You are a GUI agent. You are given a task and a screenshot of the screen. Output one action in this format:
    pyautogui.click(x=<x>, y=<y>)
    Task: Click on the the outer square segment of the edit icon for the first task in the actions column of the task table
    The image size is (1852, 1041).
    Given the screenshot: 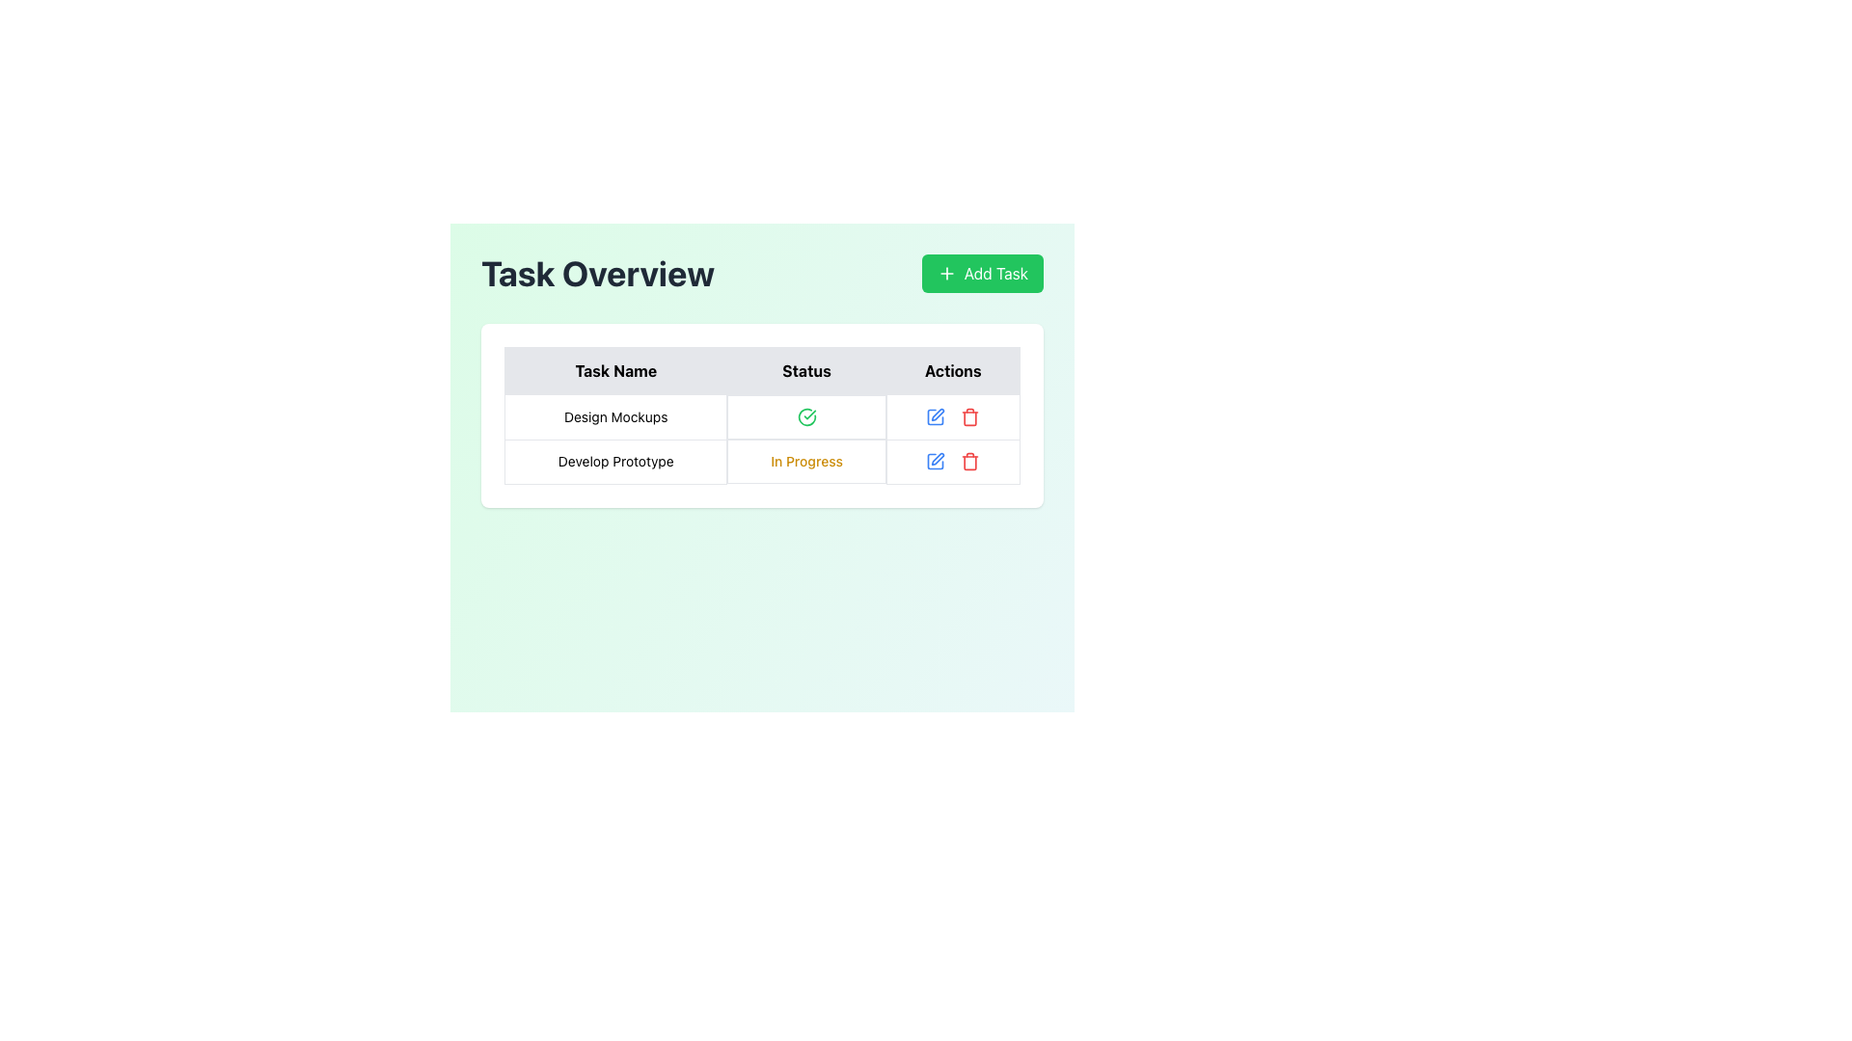 What is the action you would take?
    pyautogui.click(x=936, y=415)
    